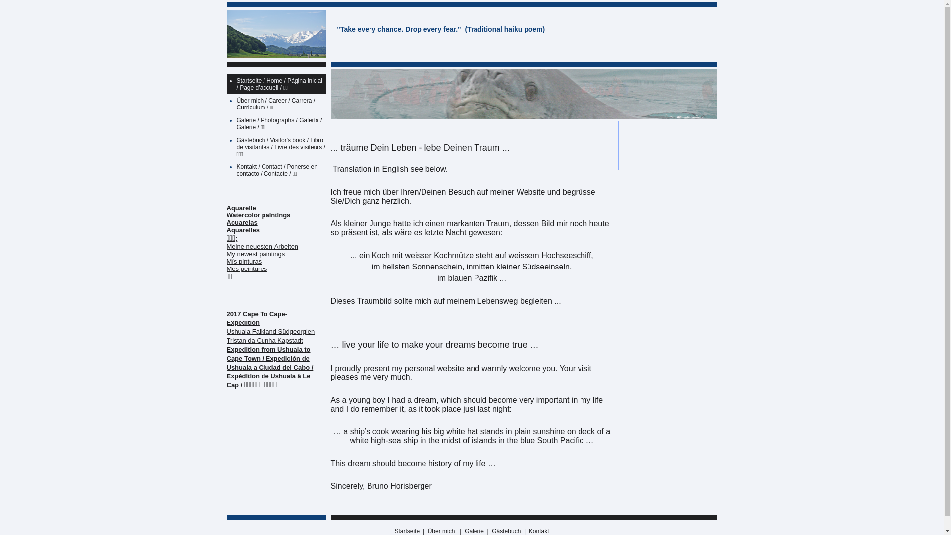 This screenshot has height=535, width=951. What do you see at coordinates (226, 318) in the screenshot?
I see `'2017 Cape To Cape-Expedition'` at bounding box center [226, 318].